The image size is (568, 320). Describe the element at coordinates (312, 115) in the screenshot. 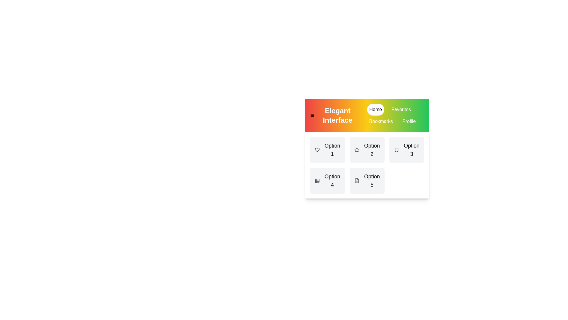

I see `the menu icon to toggle the menu visibility` at that location.